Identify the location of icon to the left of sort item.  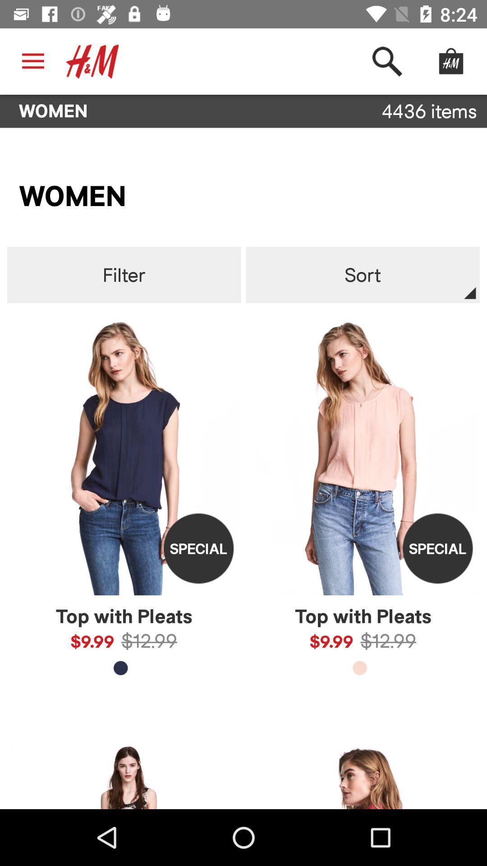
(124, 275).